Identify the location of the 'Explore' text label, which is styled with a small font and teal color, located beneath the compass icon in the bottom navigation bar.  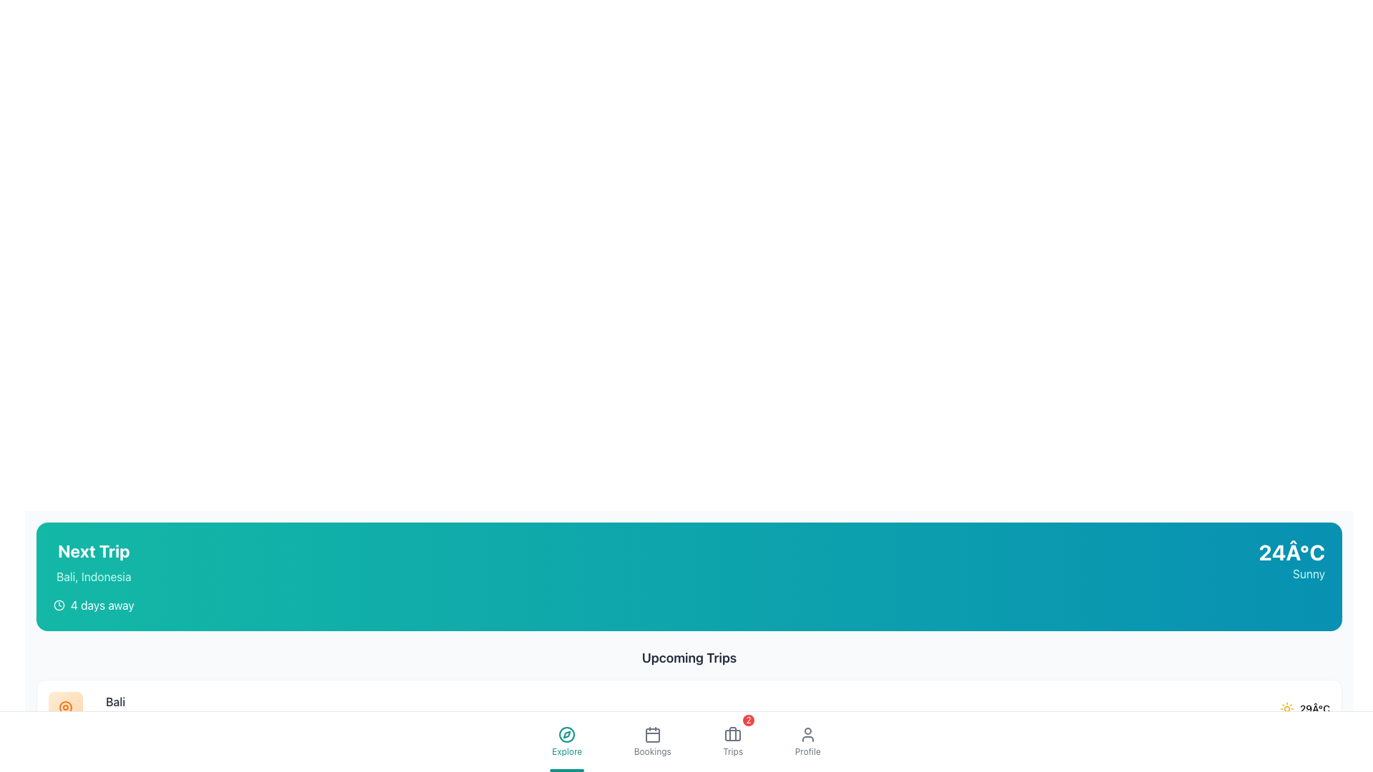
(566, 751).